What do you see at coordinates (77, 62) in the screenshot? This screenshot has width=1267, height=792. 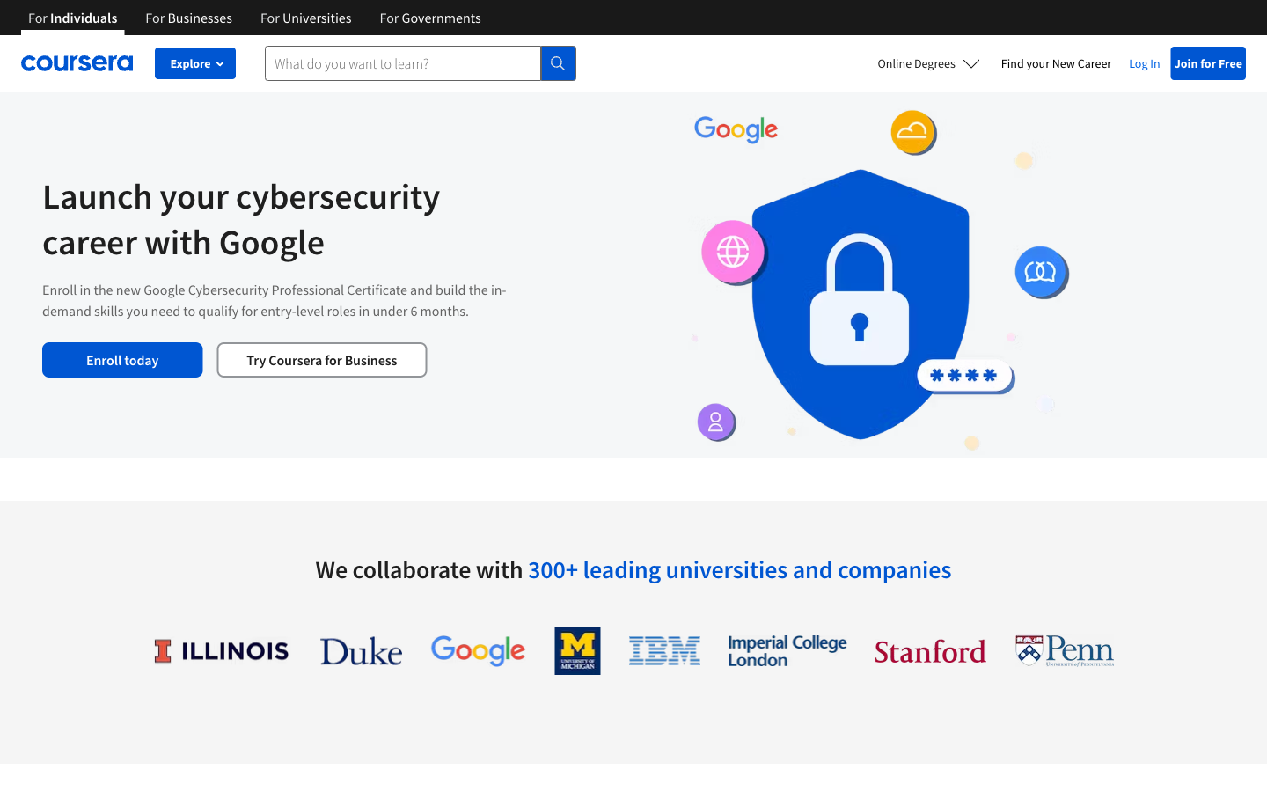 I see `Coursera"s main page` at bounding box center [77, 62].